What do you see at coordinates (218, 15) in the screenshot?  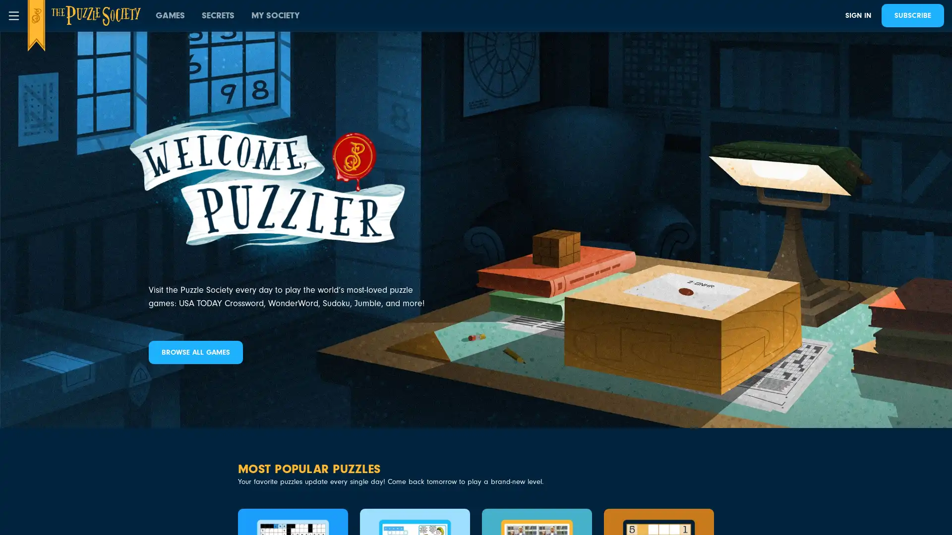 I see `SECRETS` at bounding box center [218, 15].